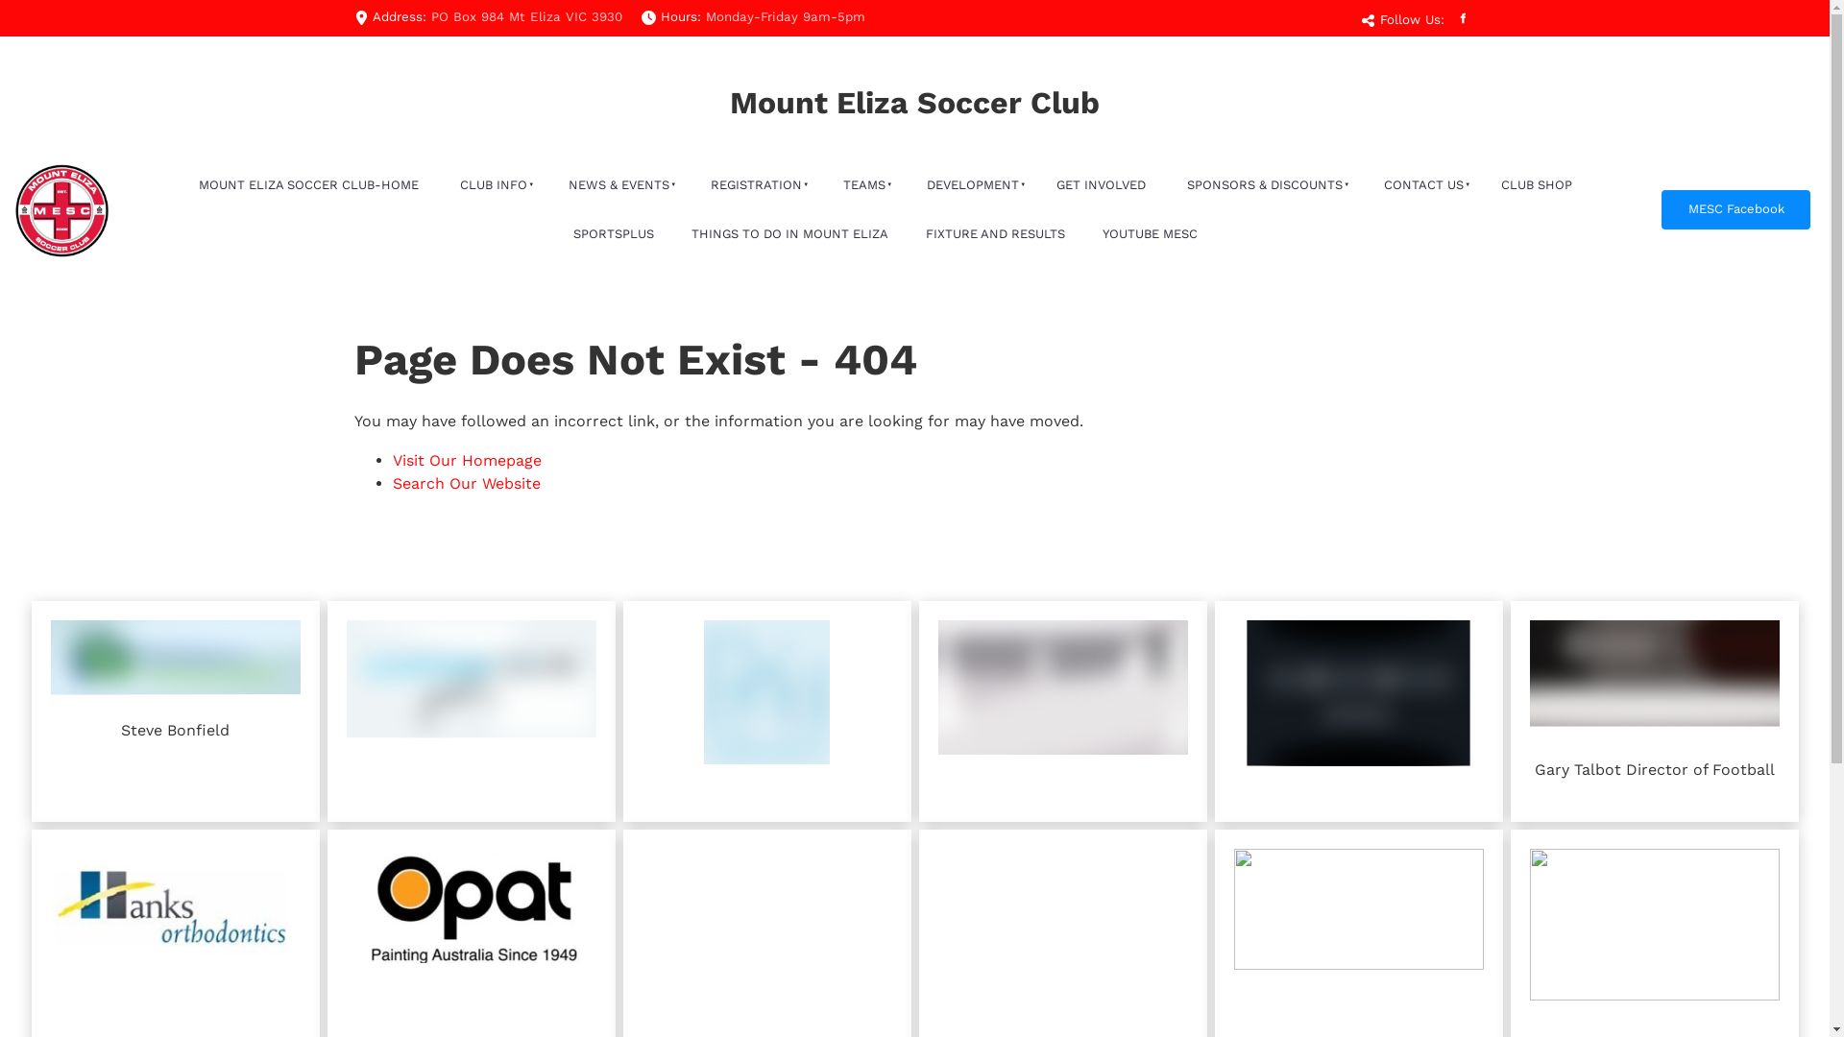 Image resolution: width=1844 pixels, height=1037 pixels. I want to click on 'NEWS & EVENTS', so click(617, 185).